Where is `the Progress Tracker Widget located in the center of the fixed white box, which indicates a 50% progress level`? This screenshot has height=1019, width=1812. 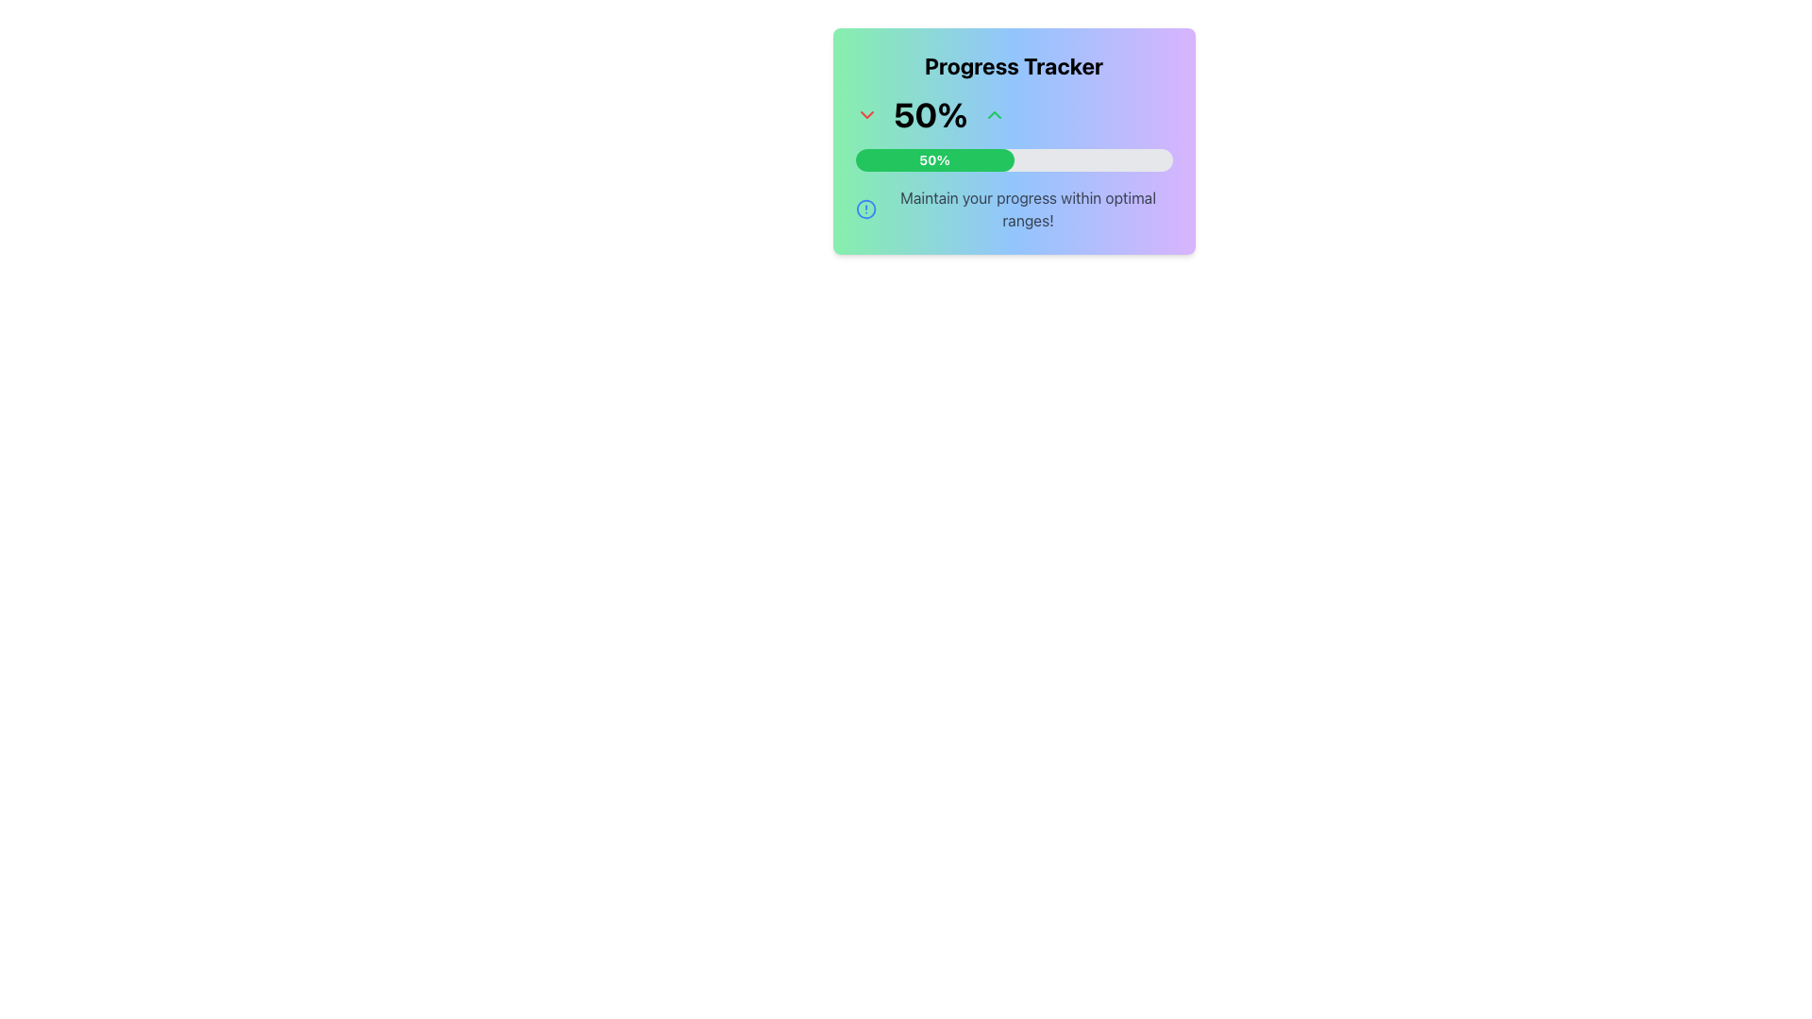 the Progress Tracker Widget located in the center of the fixed white box, which indicates a 50% progress level is located at coordinates (1013, 141).